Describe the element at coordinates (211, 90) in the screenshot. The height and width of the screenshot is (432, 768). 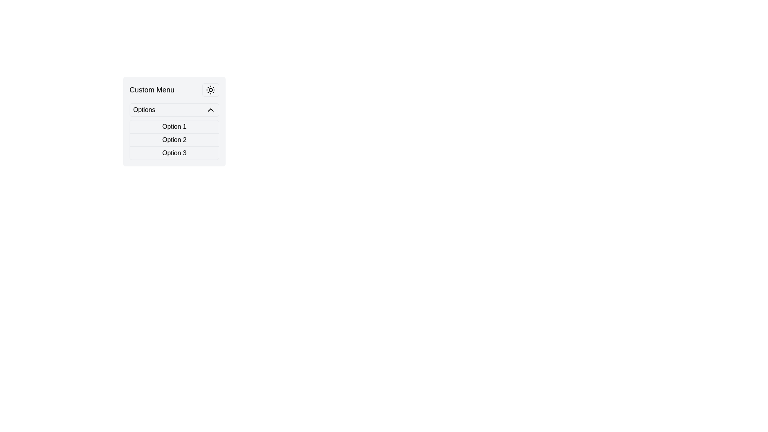
I see `the brightness toggle button located at the top-right corner of the 'Custom Menu' section` at that location.